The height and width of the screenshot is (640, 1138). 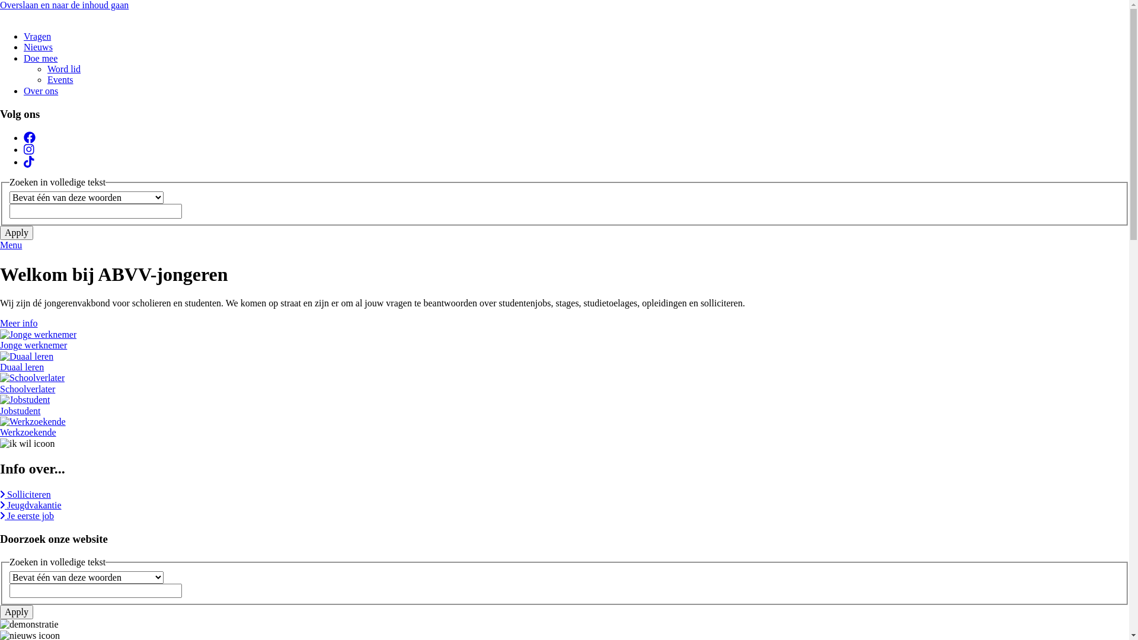 What do you see at coordinates (27, 515) in the screenshot?
I see `'Je eerste job'` at bounding box center [27, 515].